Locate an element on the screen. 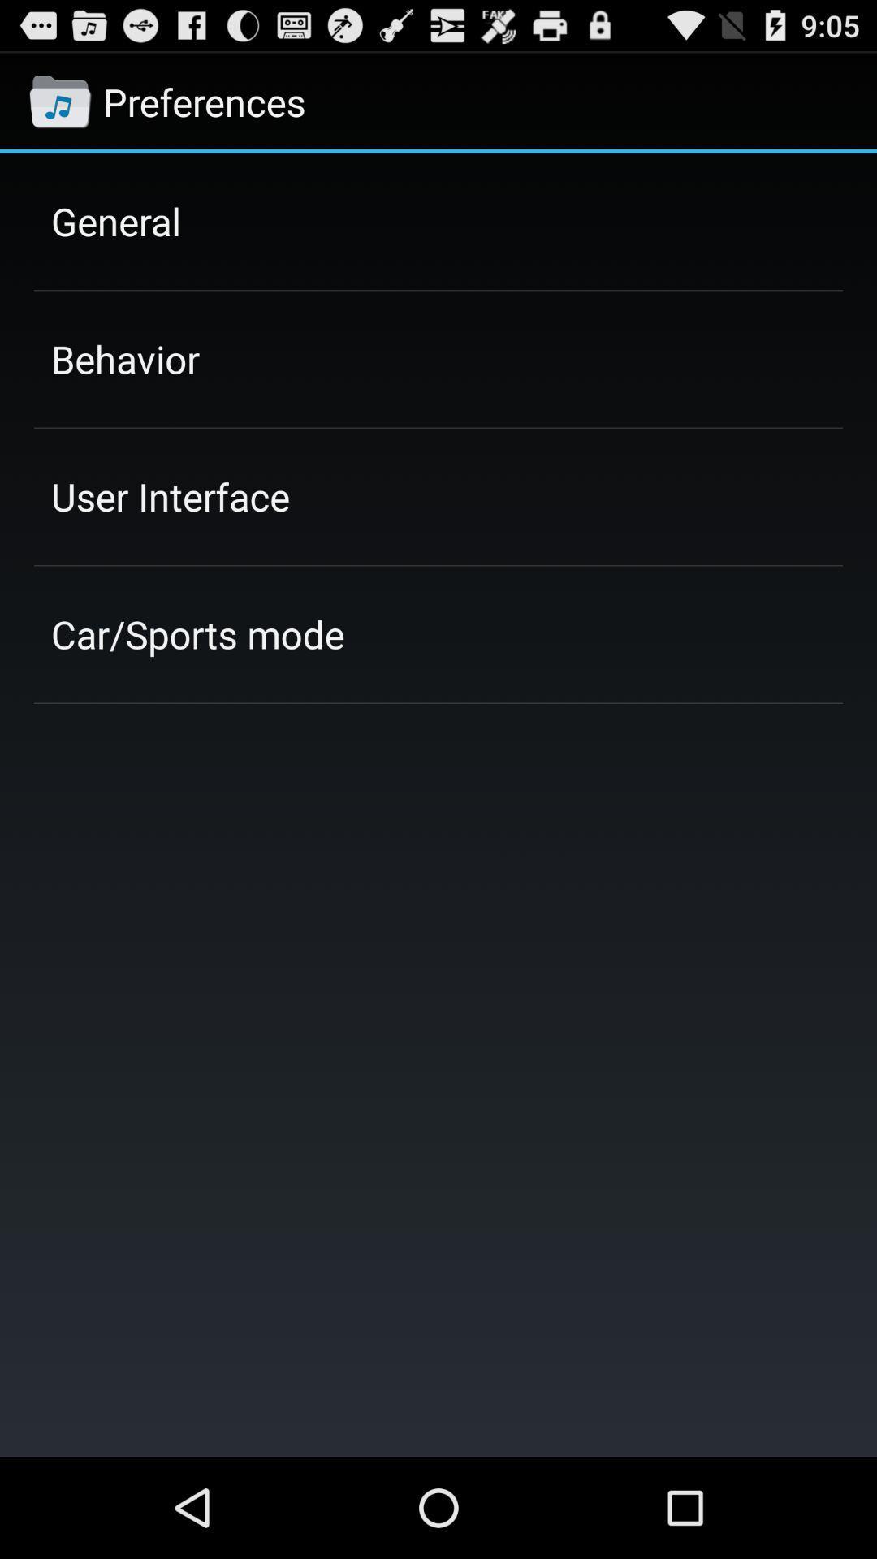 Image resolution: width=877 pixels, height=1559 pixels. item on the left is located at coordinates (197, 633).